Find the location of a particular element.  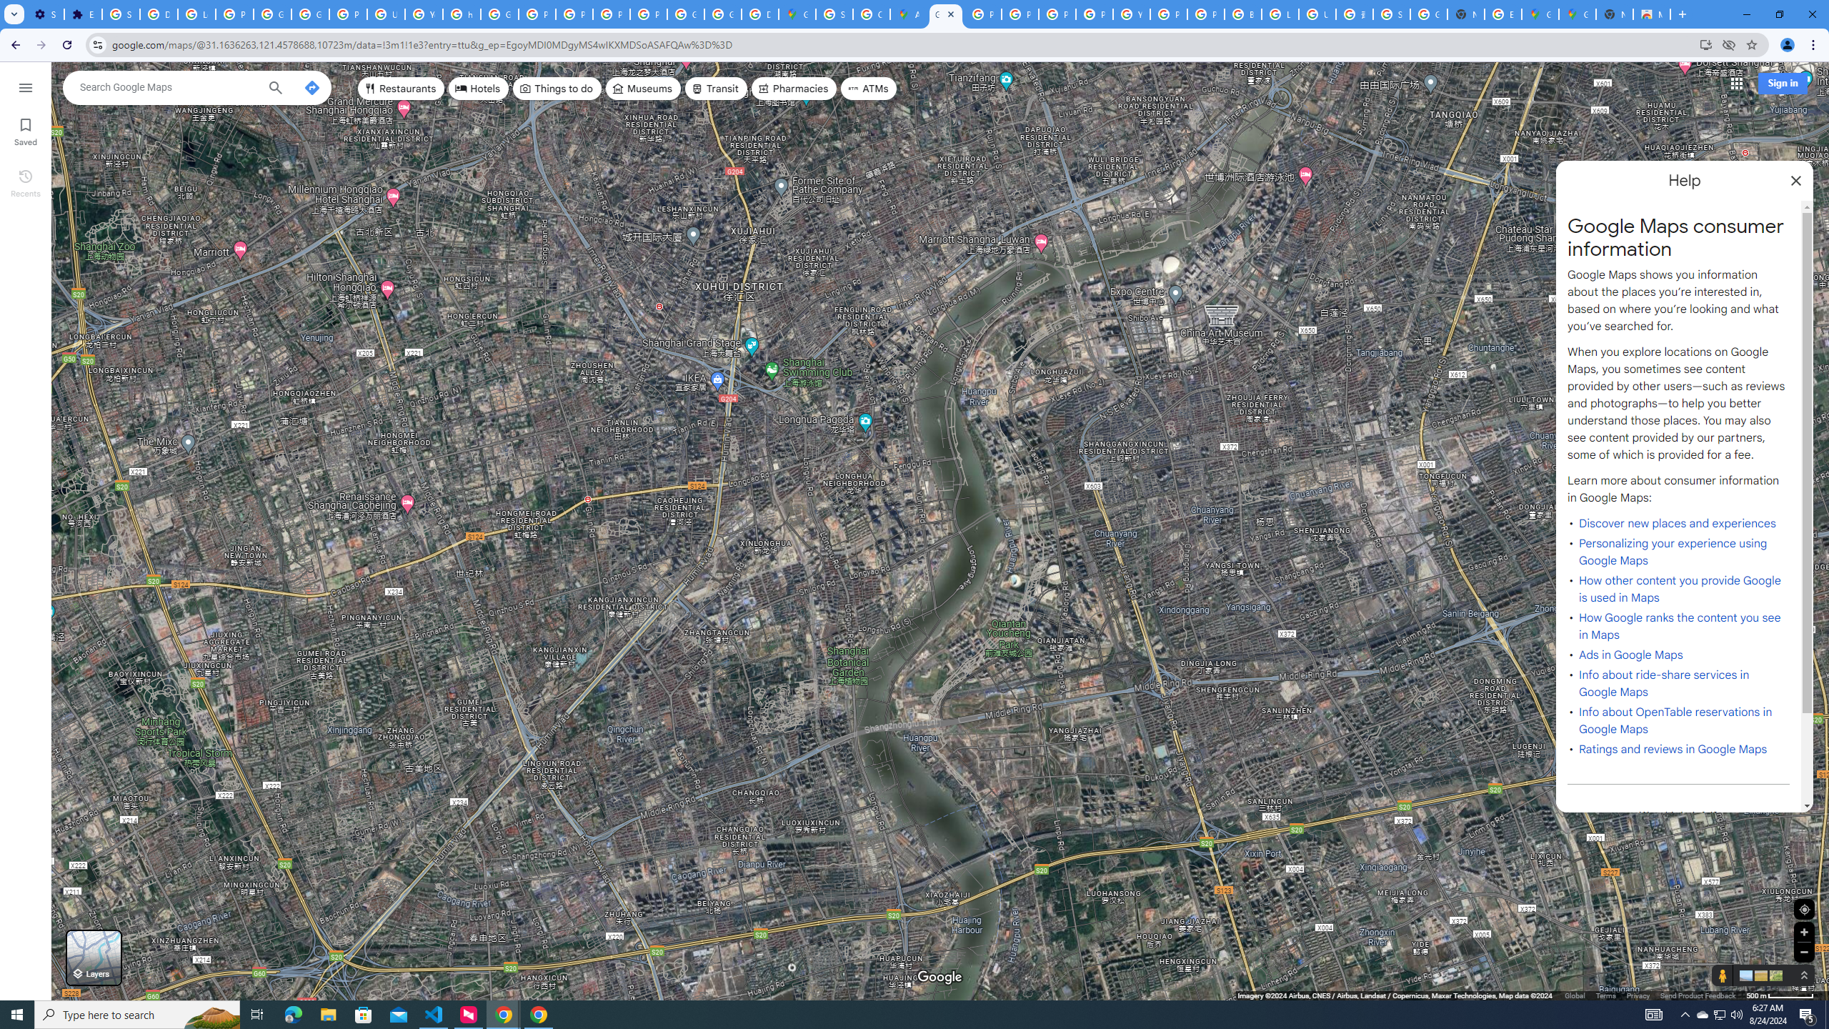

'Saved' is located at coordinates (24, 131).